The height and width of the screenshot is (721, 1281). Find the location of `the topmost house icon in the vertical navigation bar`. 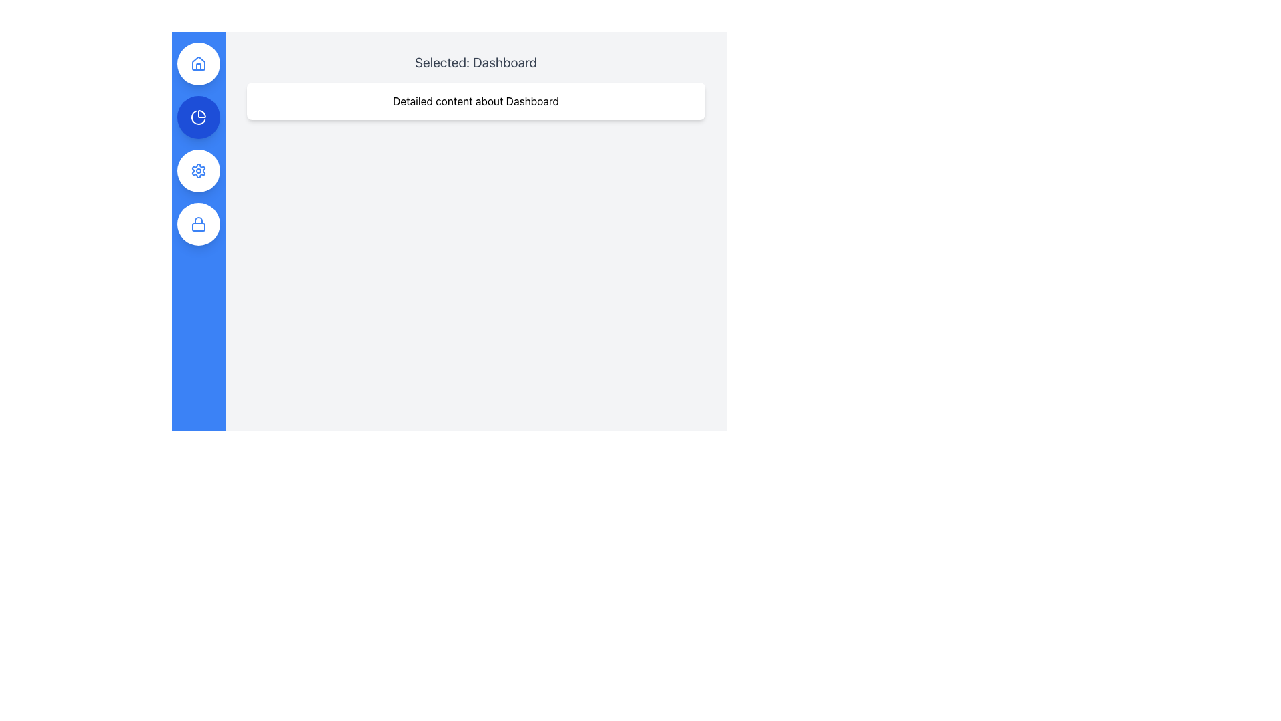

the topmost house icon in the vertical navigation bar is located at coordinates (197, 63).